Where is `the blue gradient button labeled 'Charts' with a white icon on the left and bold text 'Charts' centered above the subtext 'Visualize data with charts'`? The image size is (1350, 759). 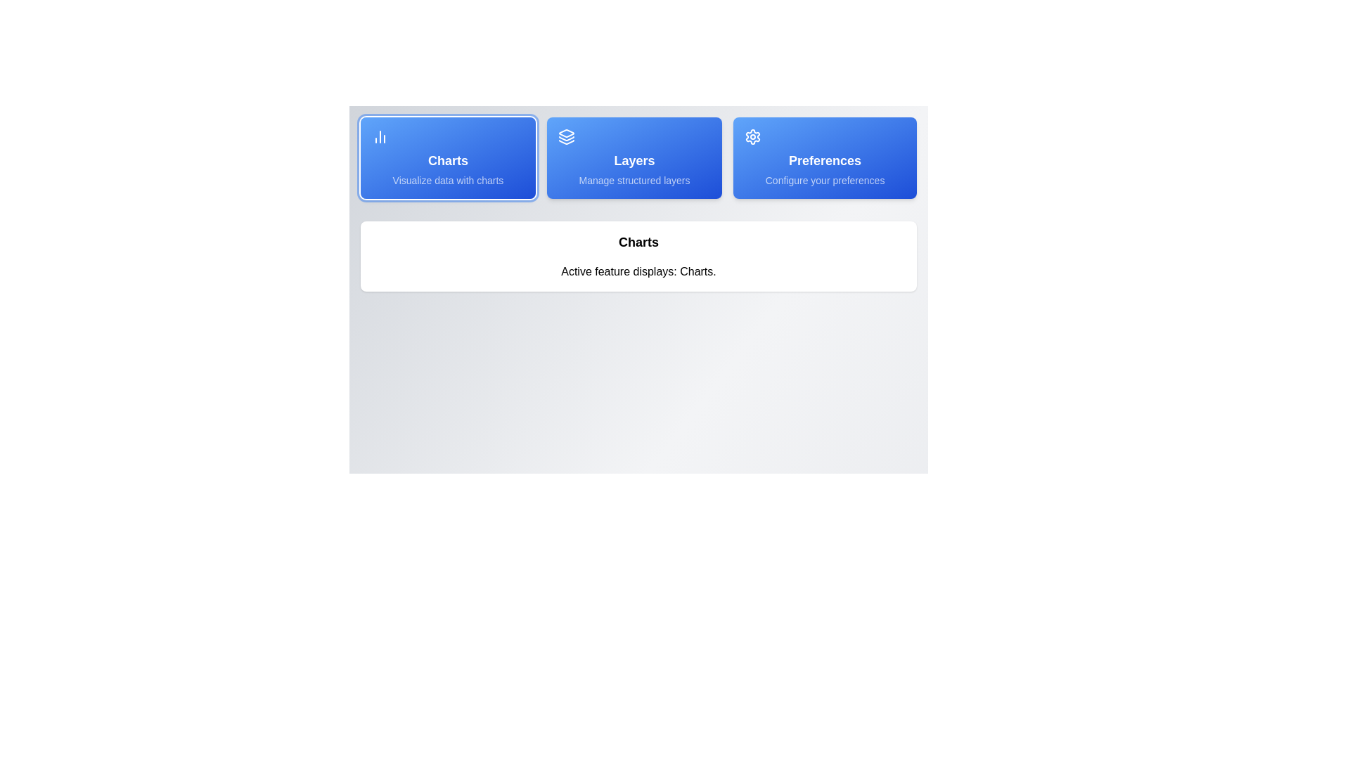
the blue gradient button labeled 'Charts' with a white icon on the left and bold text 'Charts' centered above the subtext 'Visualize data with charts' is located at coordinates (447, 157).